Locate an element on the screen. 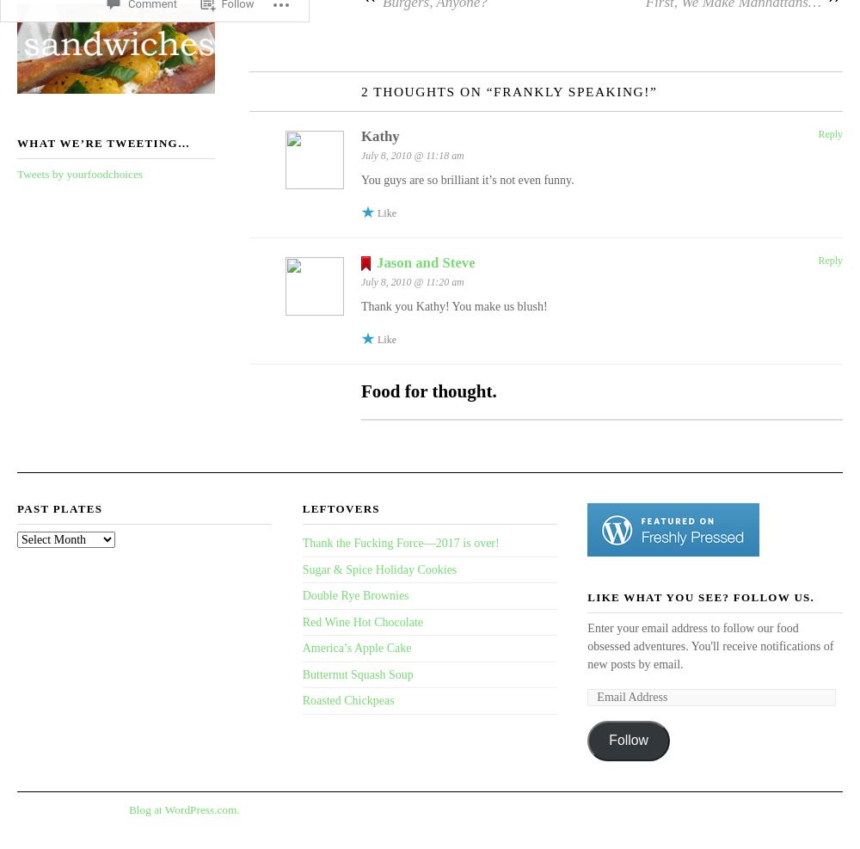  'Blog at WordPress.com.' is located at coordinates (129, 809).